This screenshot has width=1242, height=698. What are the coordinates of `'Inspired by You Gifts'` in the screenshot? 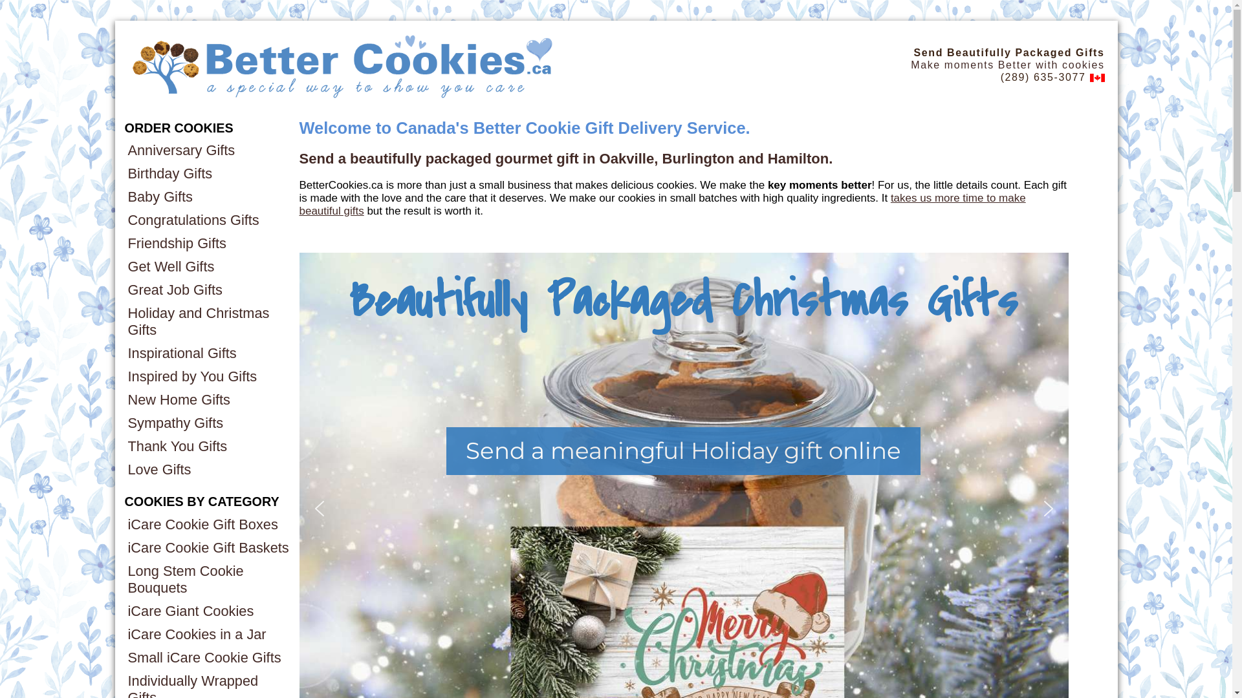 It's located at (208, 376).